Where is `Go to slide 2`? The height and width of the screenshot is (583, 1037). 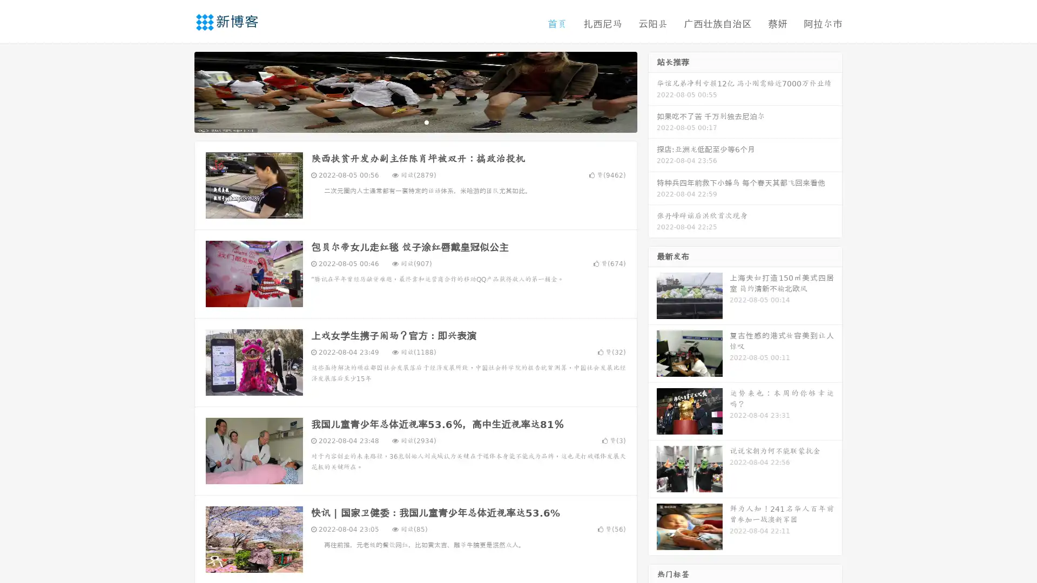 Go to slide 2 is located at coordinates (415, 121).